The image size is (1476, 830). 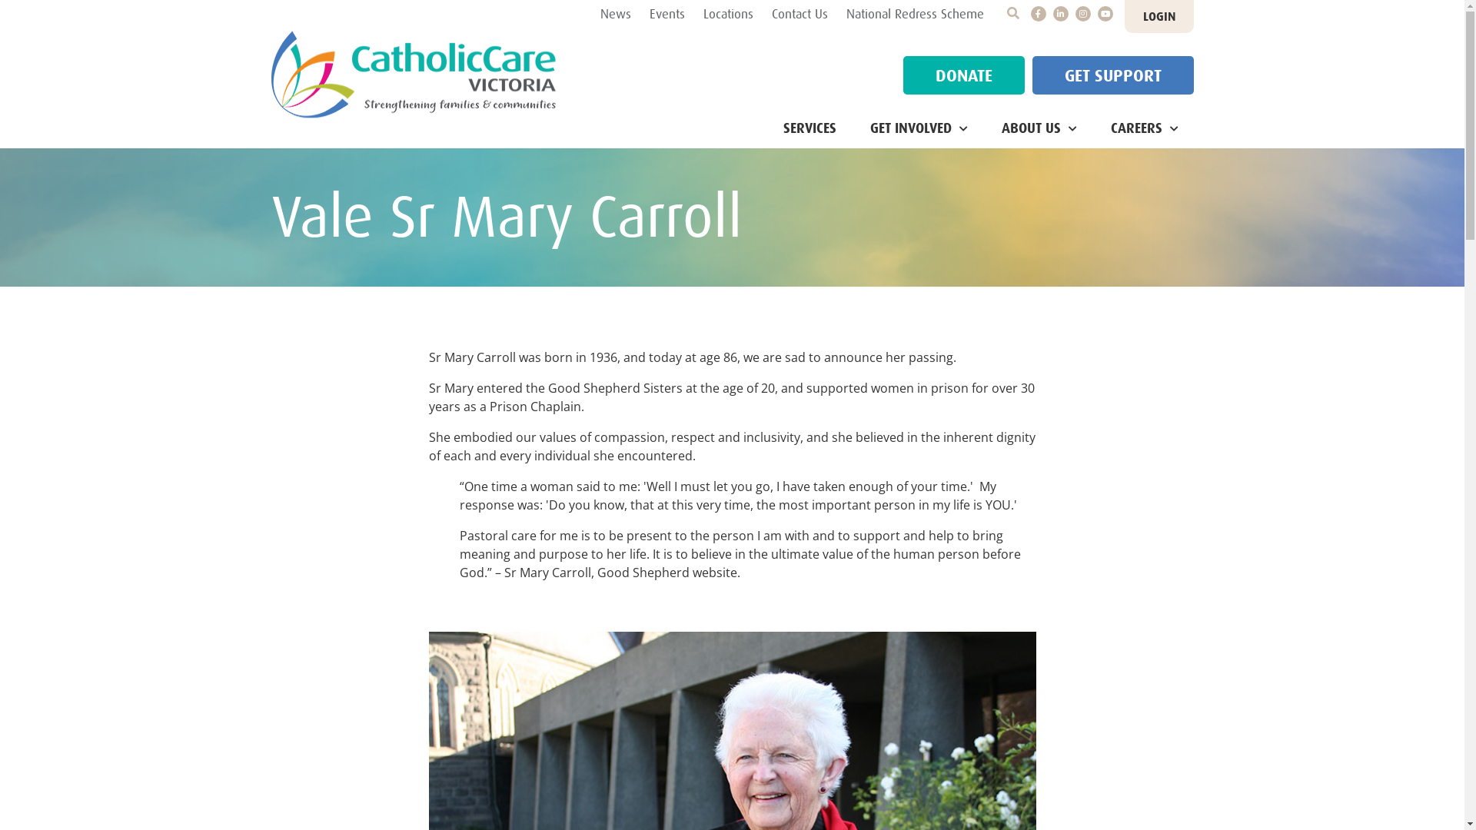 What do you see at coordinates (1038, 128) in the screenshot?
I see `'ABOUT US'` at bounding box center [1038, 128].